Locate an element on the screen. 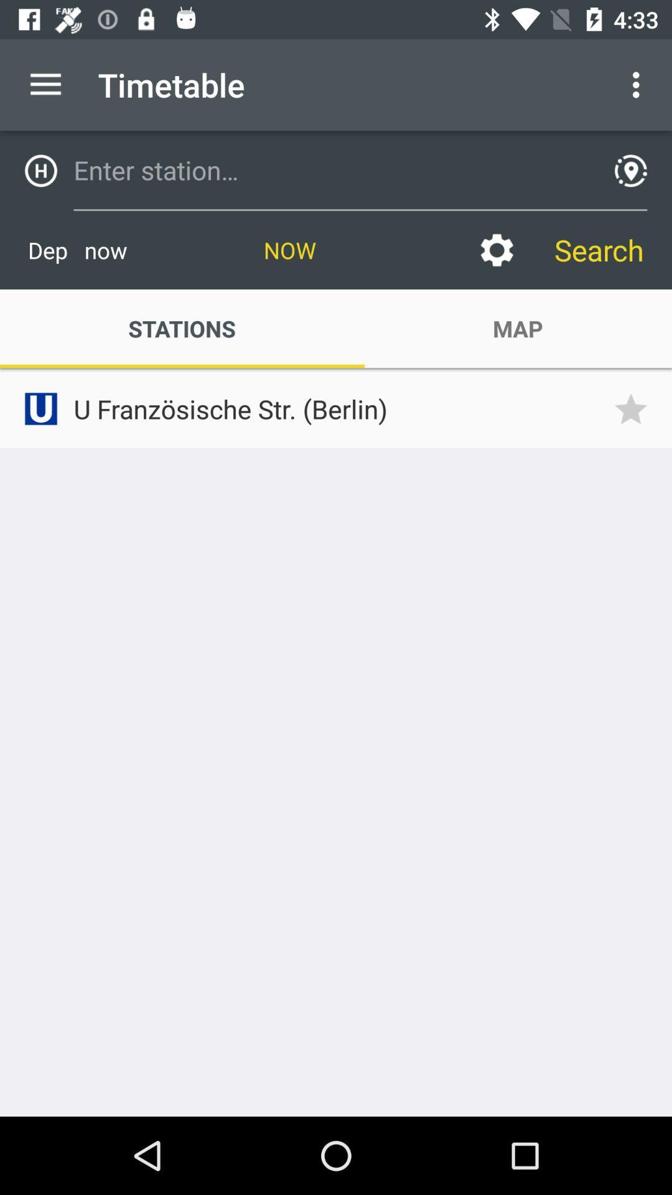 The height and width of the screenshot is (1195, 672). item next to stations icon is located at coordinates (518, 329).